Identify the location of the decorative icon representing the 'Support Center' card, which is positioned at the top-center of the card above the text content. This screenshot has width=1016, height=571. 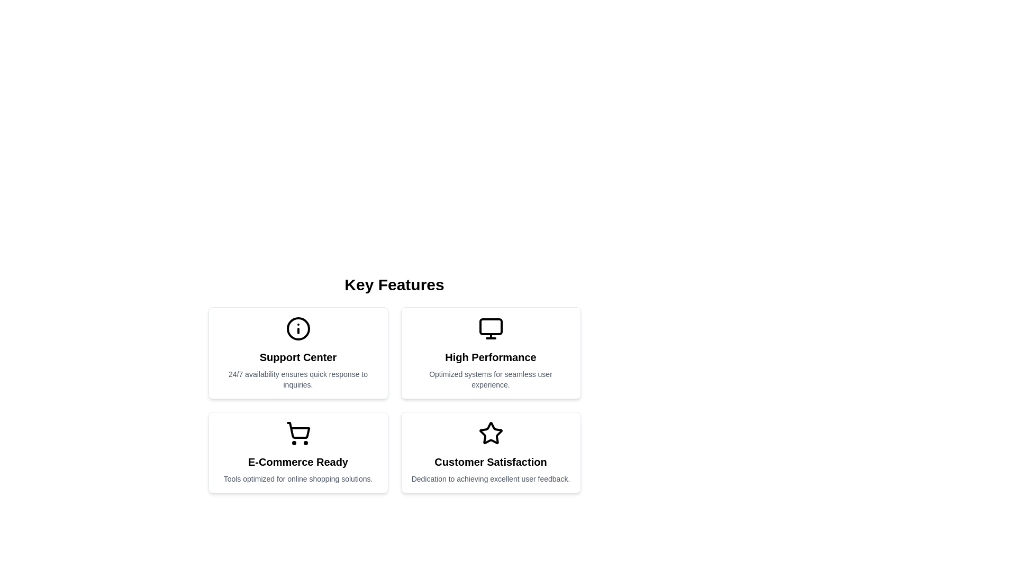
(297, 328).